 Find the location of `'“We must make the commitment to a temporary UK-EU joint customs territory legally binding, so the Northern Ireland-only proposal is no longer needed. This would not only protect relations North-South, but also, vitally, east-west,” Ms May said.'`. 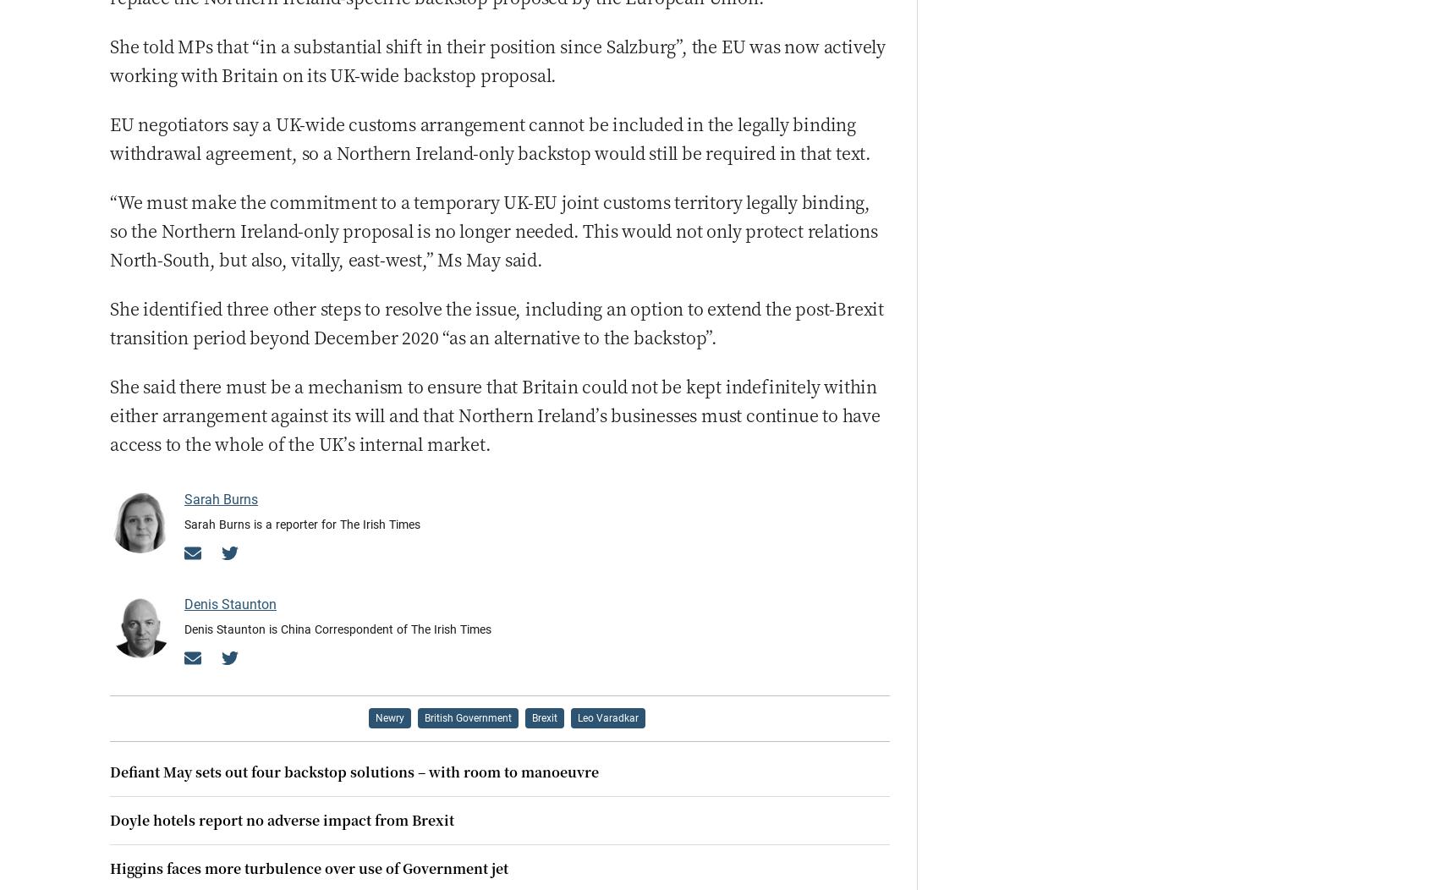

'“We must make the commitment to a temporary UK-EU joint customs territory legally binding, so the Northern Ireland-only proposal is no longer needed. This would not only protect relations North-South, but also, vitally, east-west,” Ms May said.' is located at coordinates (492, 229).